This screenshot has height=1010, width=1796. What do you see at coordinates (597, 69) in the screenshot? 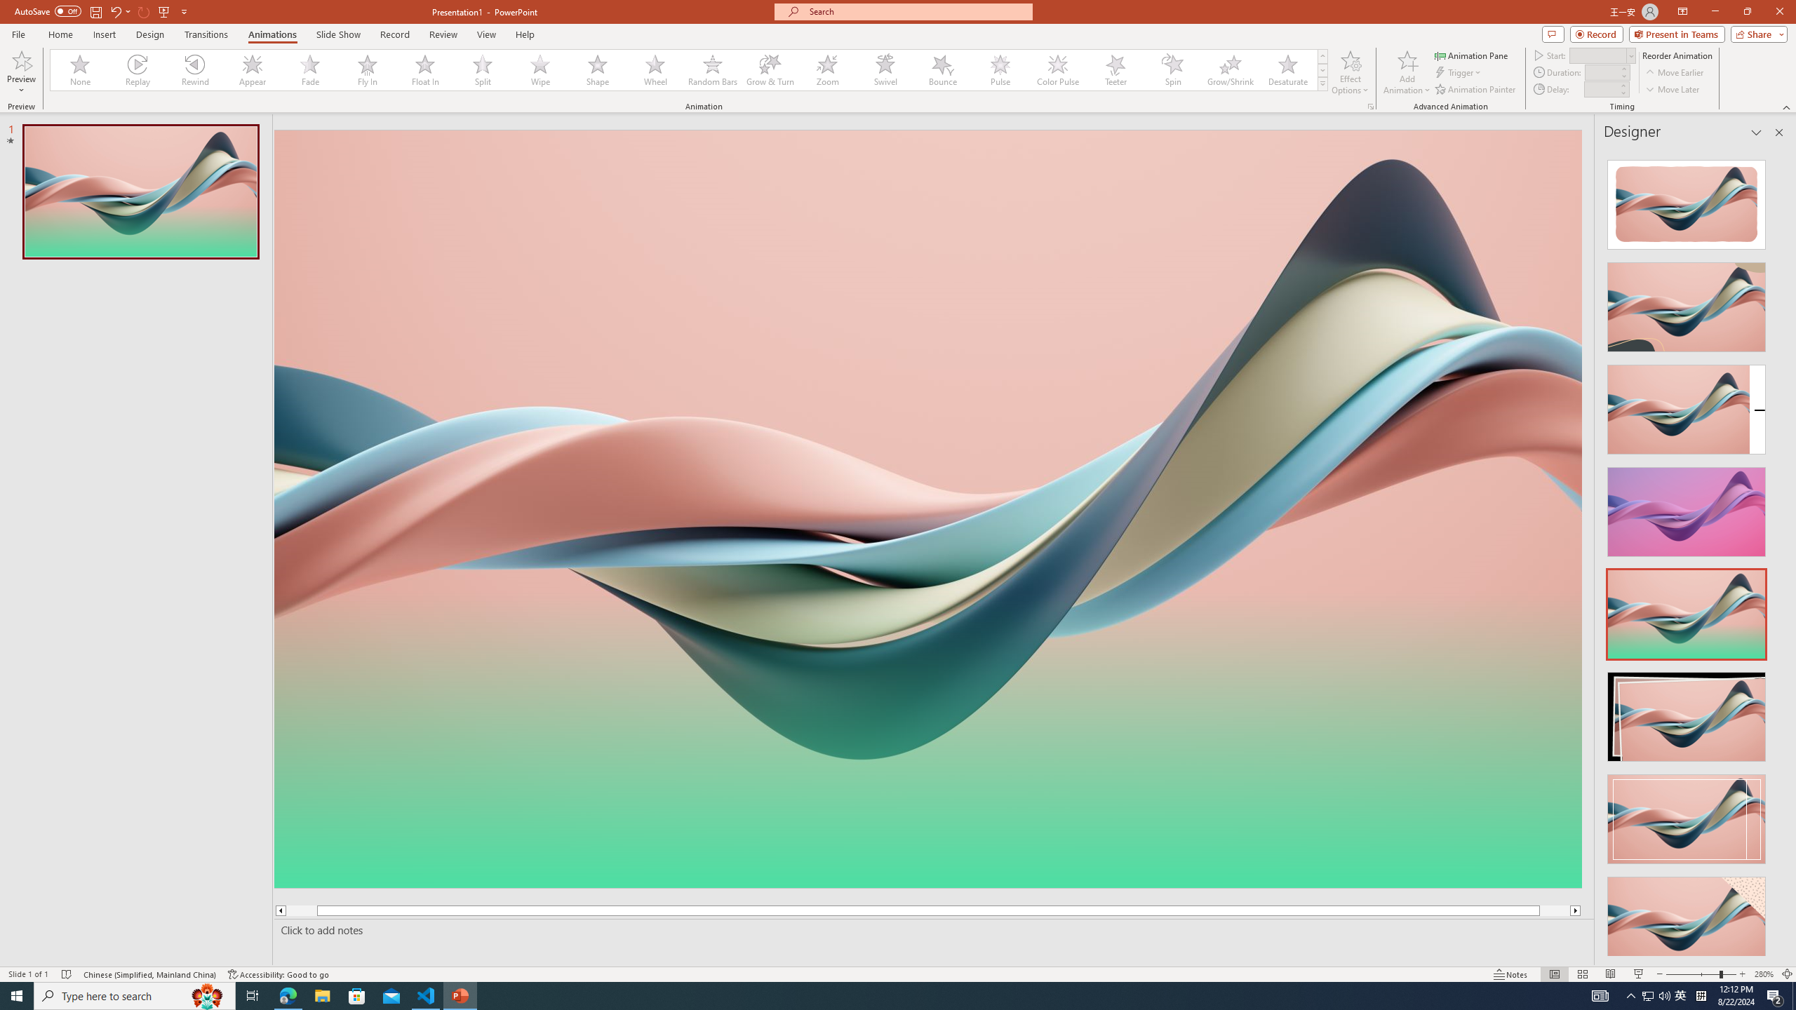
I see `'Shape'` at bounding box center [597, 69].